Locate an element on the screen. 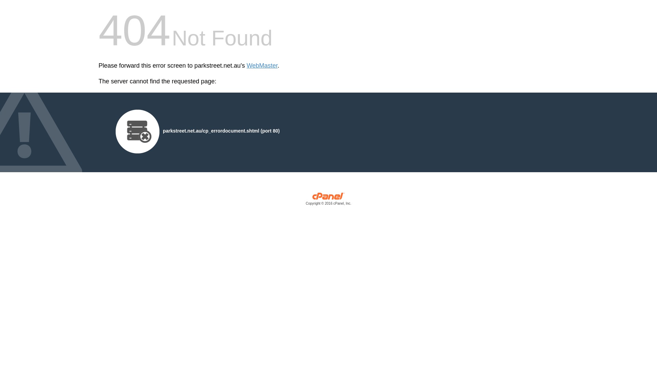 This screenshot has width=657, height=369. 'WebMaster' is located at coordinates (262, 66).